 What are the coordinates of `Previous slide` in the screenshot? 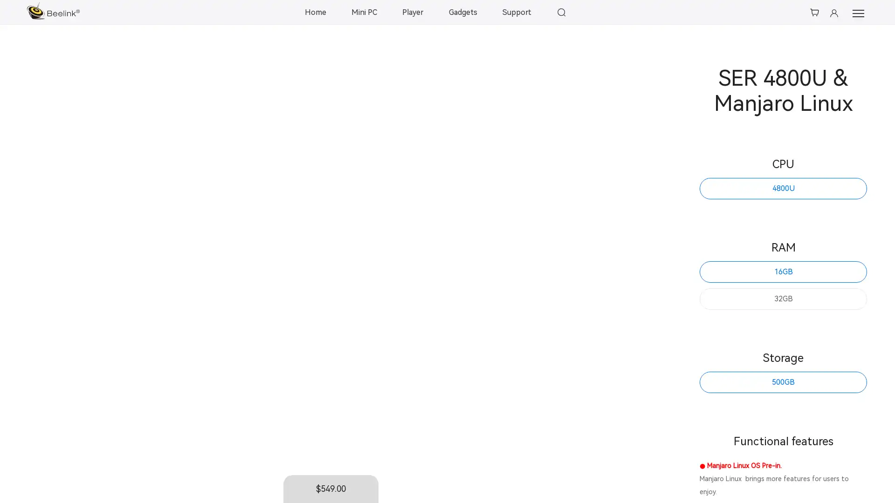 It's located at (42, 274).